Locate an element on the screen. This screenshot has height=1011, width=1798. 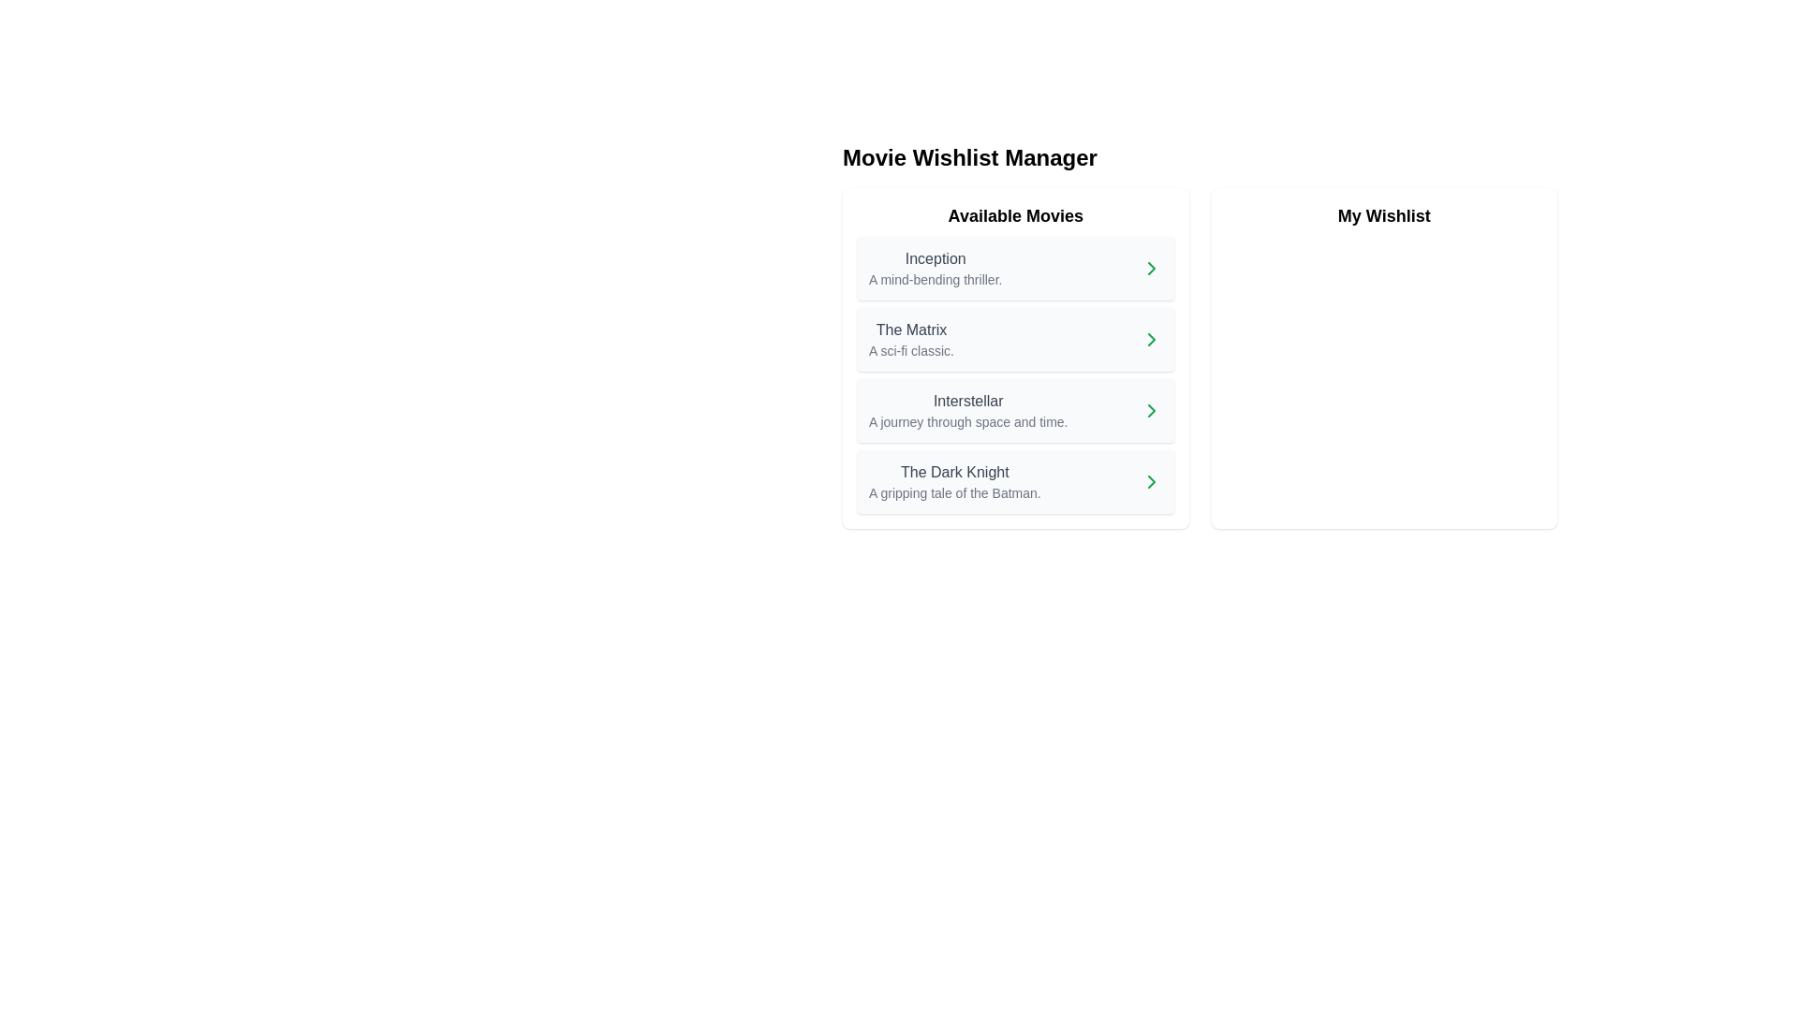
the text label that describes the movie 'Interstellar', which is positioned directly below the title 'Interstellar' in the 'Available Movies' list is located at coordinates (968, 422).